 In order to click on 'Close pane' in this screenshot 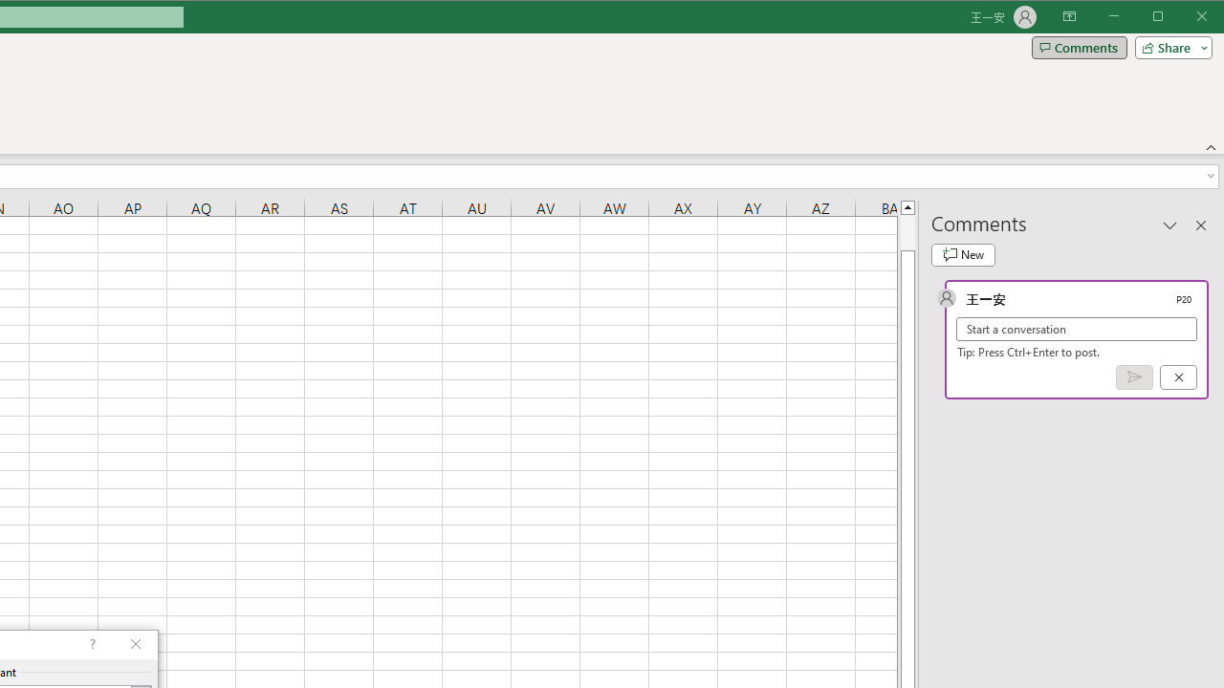, I will do `click(1200, 224)`.